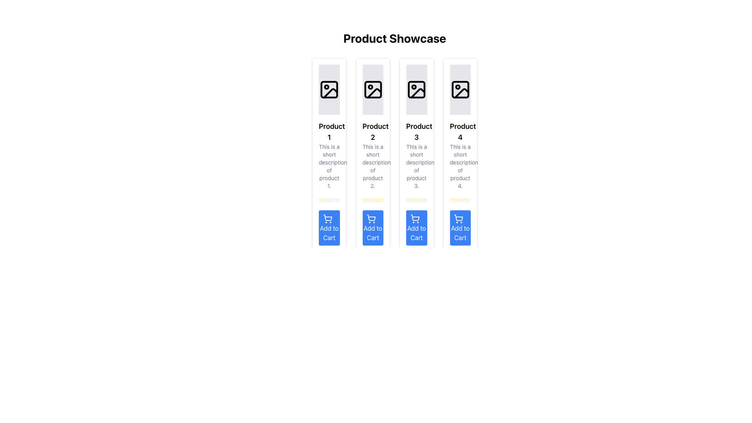  Describe the element at coordinates (464, 199) in the screenshot. I see `leftmost star icon representing one rating point for 'Product 4' in the rating section of the product card` at that location.